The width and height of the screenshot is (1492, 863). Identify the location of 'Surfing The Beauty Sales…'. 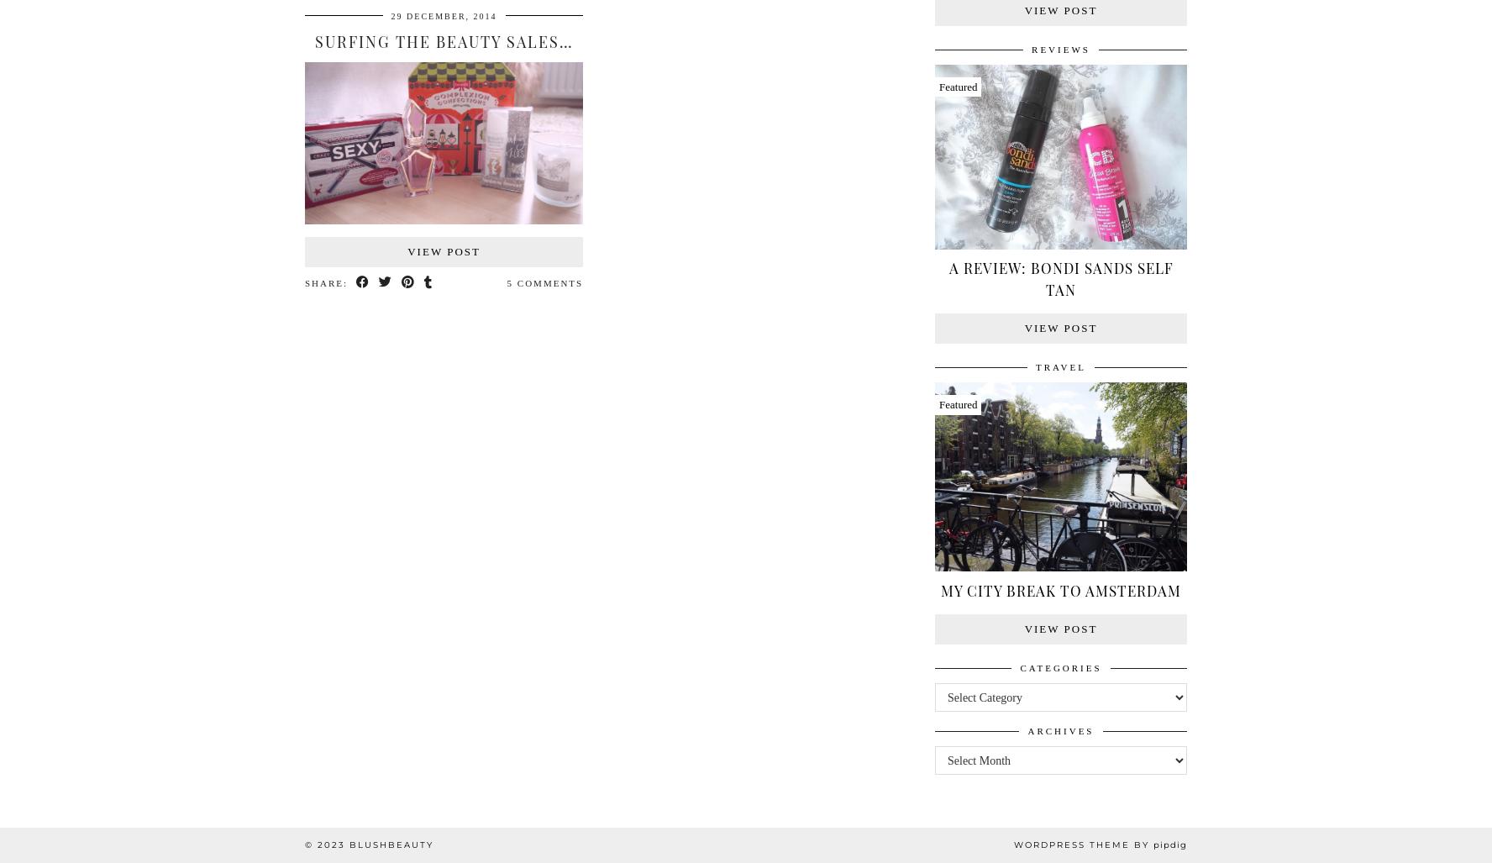
(444, 40).